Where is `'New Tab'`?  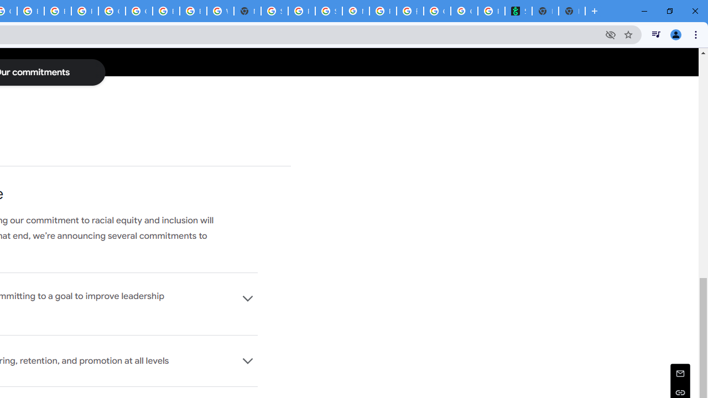
'New Tab' is located at coordinates (572, 11).